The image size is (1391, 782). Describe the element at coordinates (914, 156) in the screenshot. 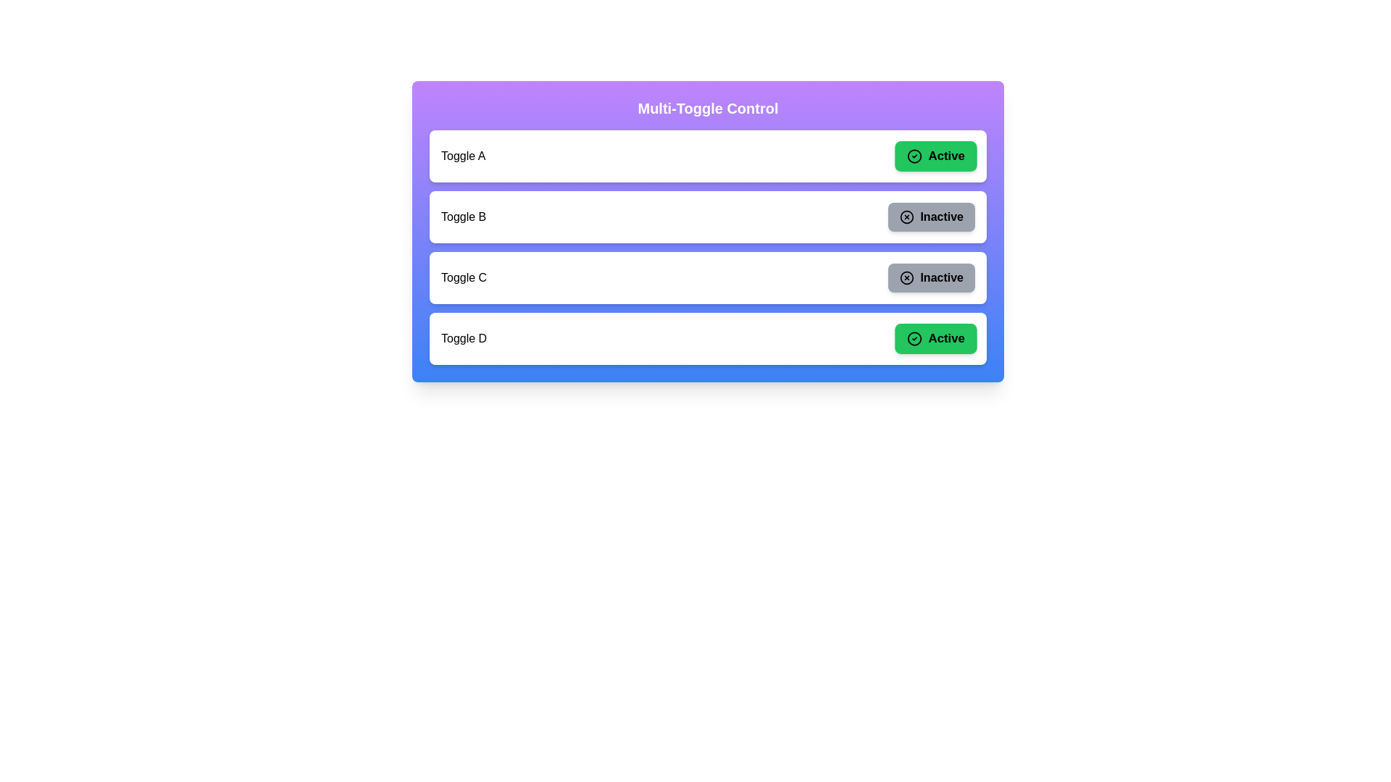

I see `the Status indicator icon, which is a circular icon with a green background and black stroke, located in the first position of the 'Active' button in the 'Toggle A' row` at that location.